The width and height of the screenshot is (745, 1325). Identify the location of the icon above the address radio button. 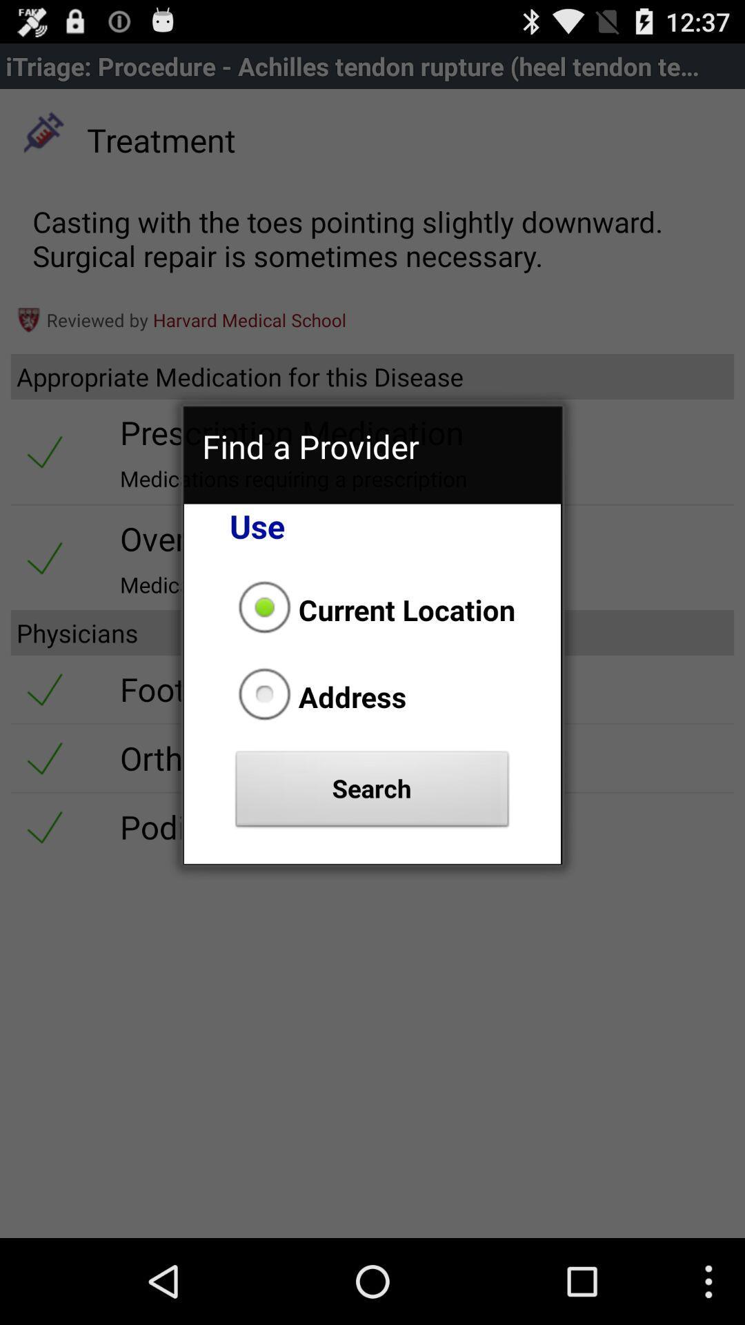
(372, 609).